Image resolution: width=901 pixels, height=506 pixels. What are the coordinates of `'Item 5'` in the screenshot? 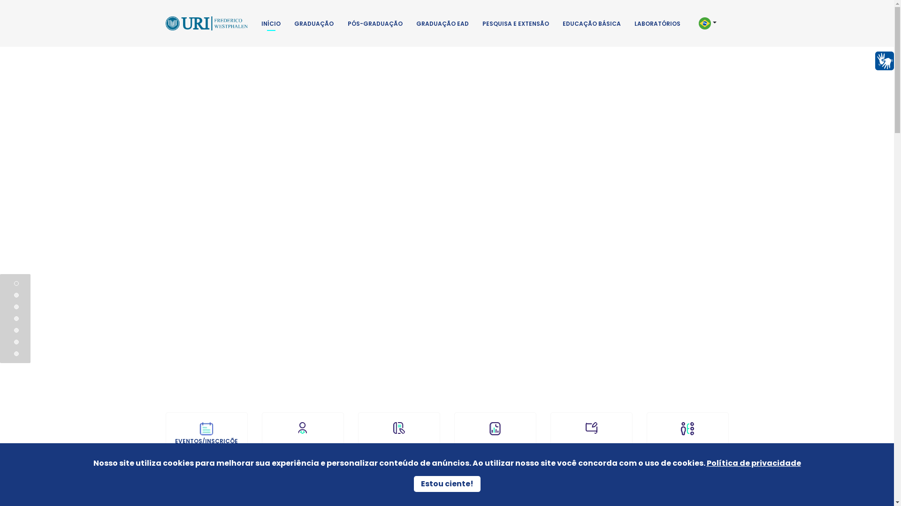 It's located at (16, 342).